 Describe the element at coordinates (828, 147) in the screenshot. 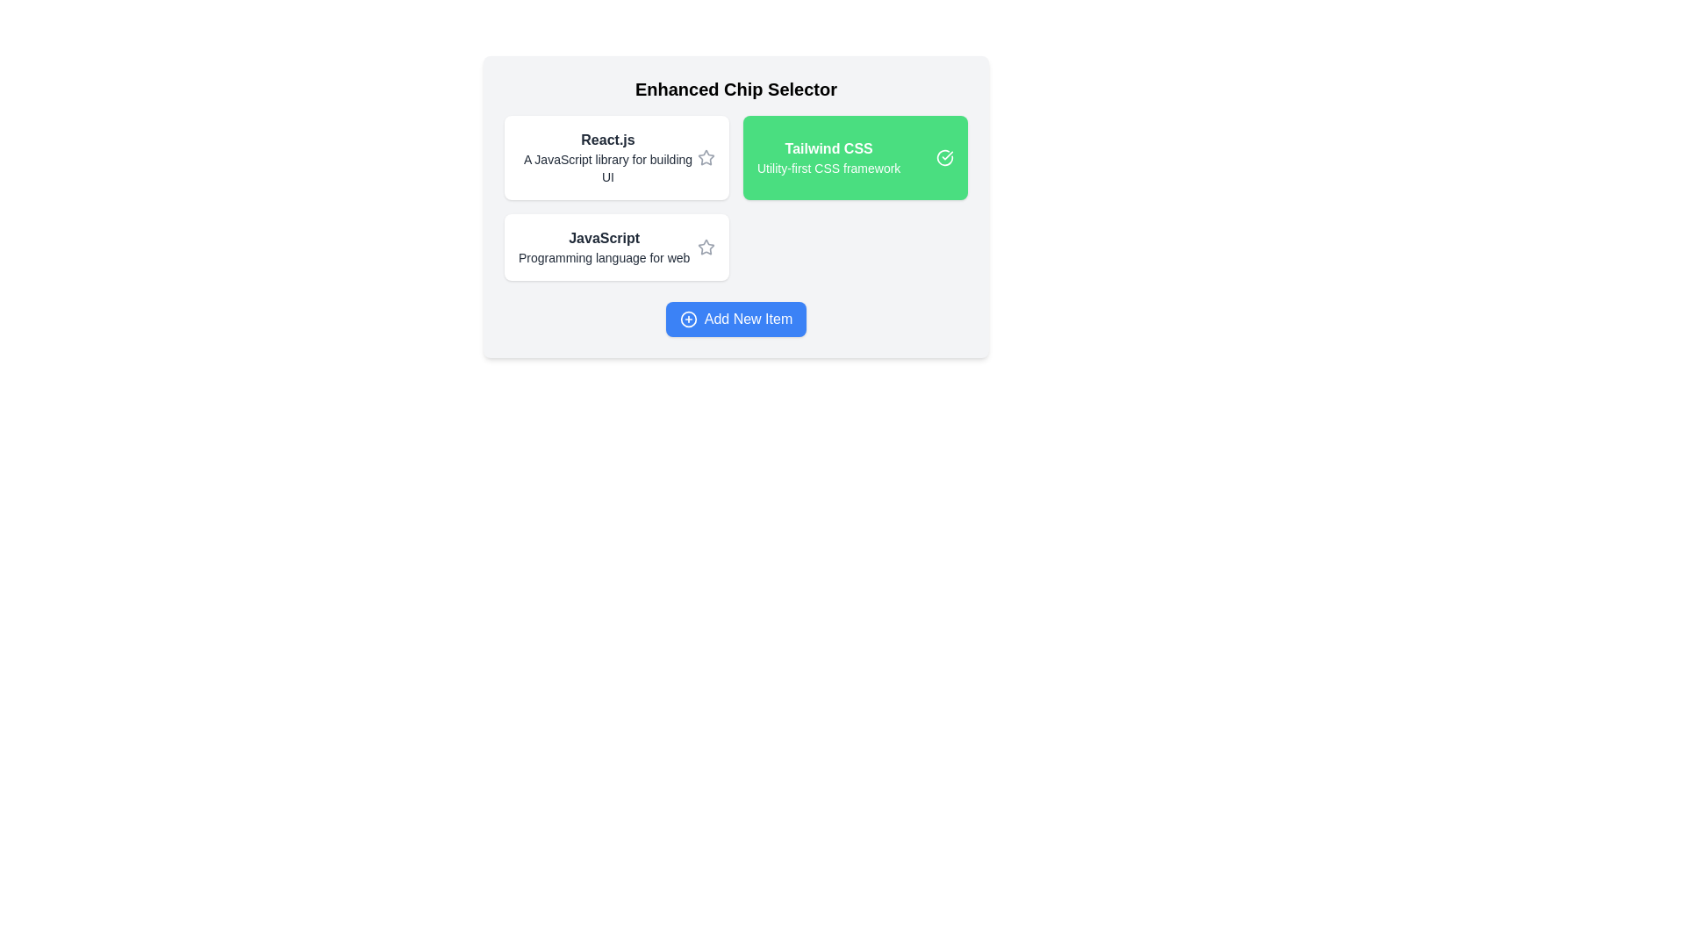

I see `the text label representing 'Tailwind CSS' located at the top-center of the green card within the 'Enhanced Chip Selector' layout` at that location.